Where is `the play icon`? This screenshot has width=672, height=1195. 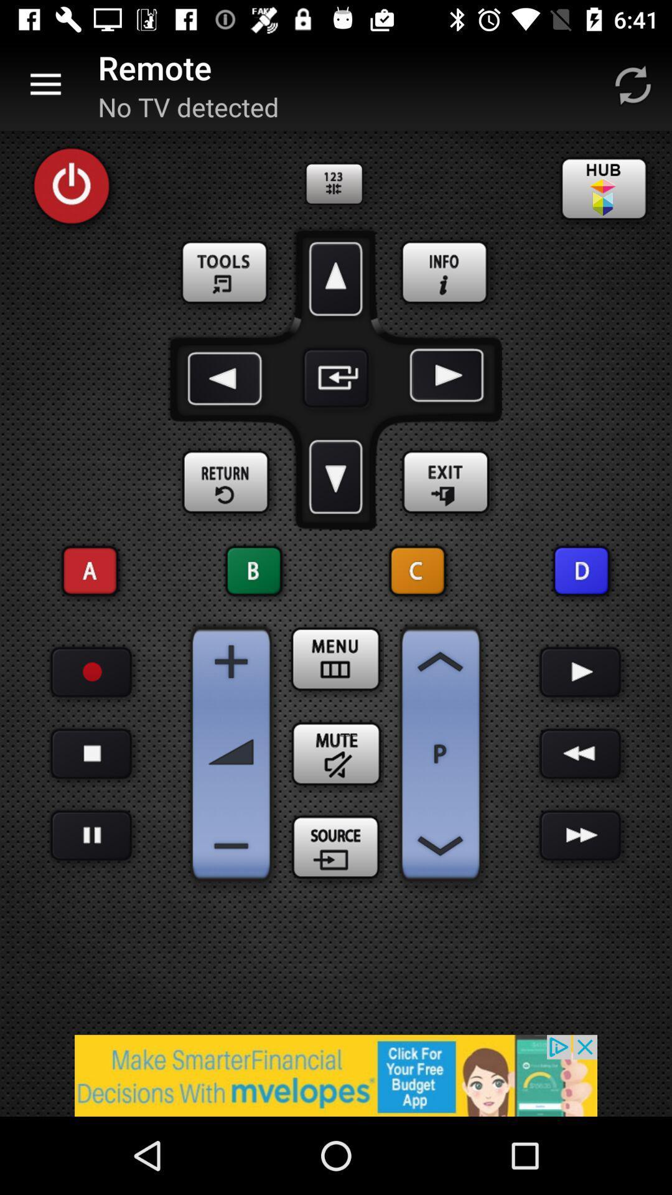 the play icon is located at coordinates (444, 377).